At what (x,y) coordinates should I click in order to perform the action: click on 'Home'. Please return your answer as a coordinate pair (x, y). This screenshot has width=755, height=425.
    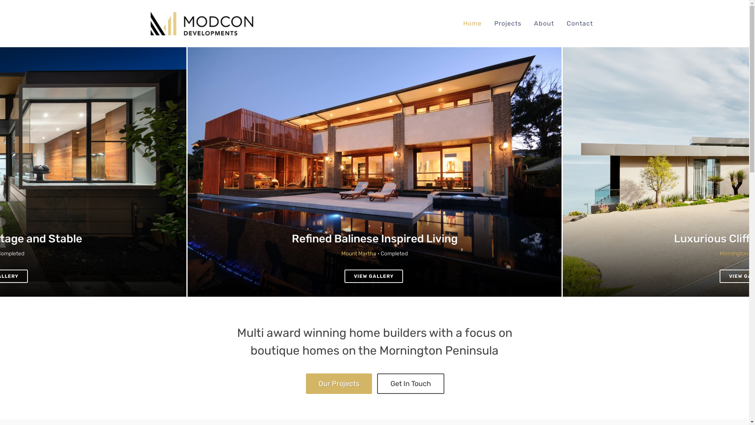
    Looking at the image, I should click on (472, 23).